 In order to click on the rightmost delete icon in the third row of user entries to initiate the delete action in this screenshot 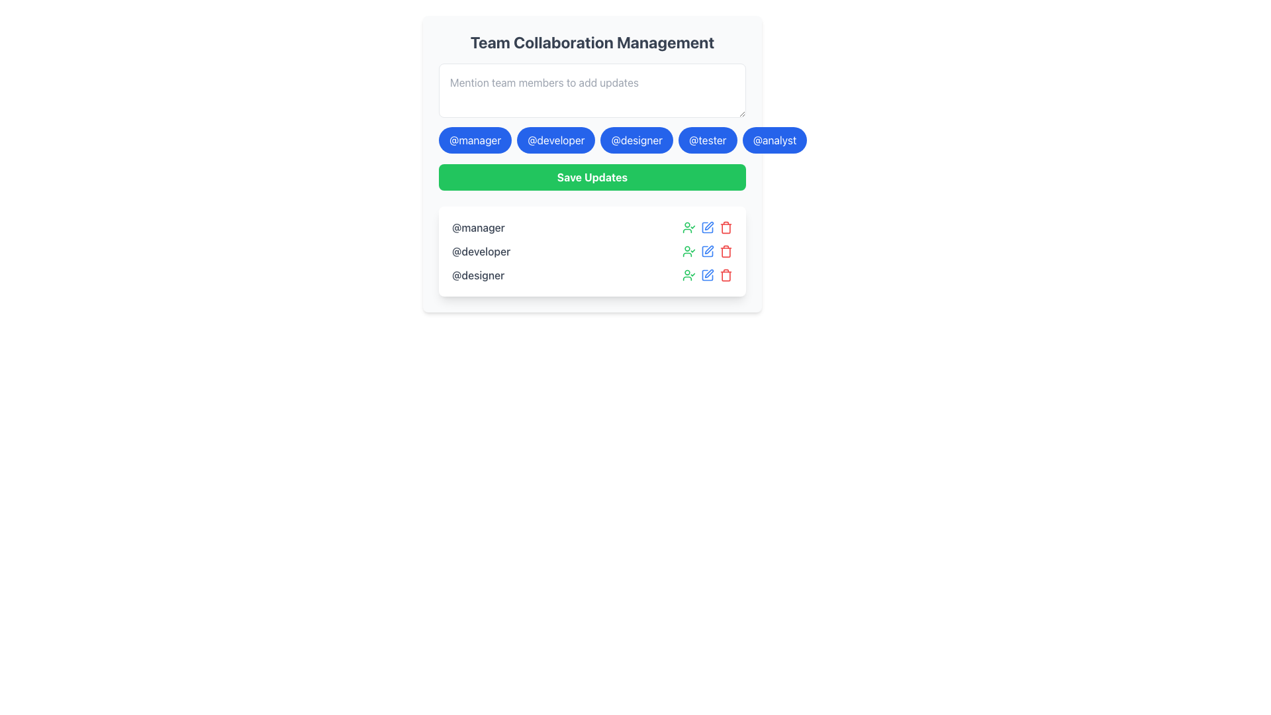, I will do `click(726, 275)`.